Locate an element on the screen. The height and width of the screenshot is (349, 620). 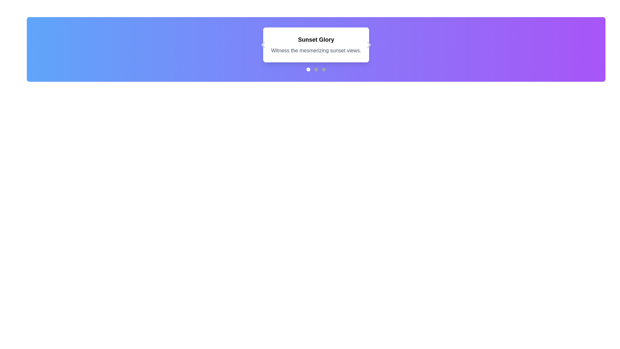
the third navigation indicator (carousel dot) located at the bottom-center of the main content area is located at coordinates (324, 69).